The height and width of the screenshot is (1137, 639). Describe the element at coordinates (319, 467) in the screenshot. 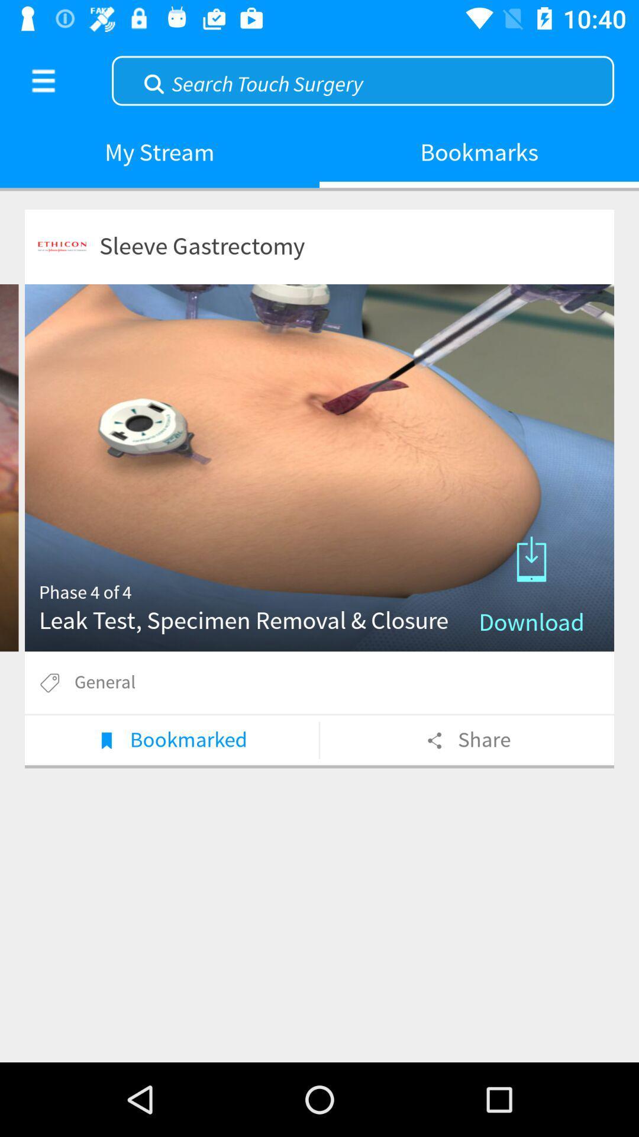

I see `download test` at that location.